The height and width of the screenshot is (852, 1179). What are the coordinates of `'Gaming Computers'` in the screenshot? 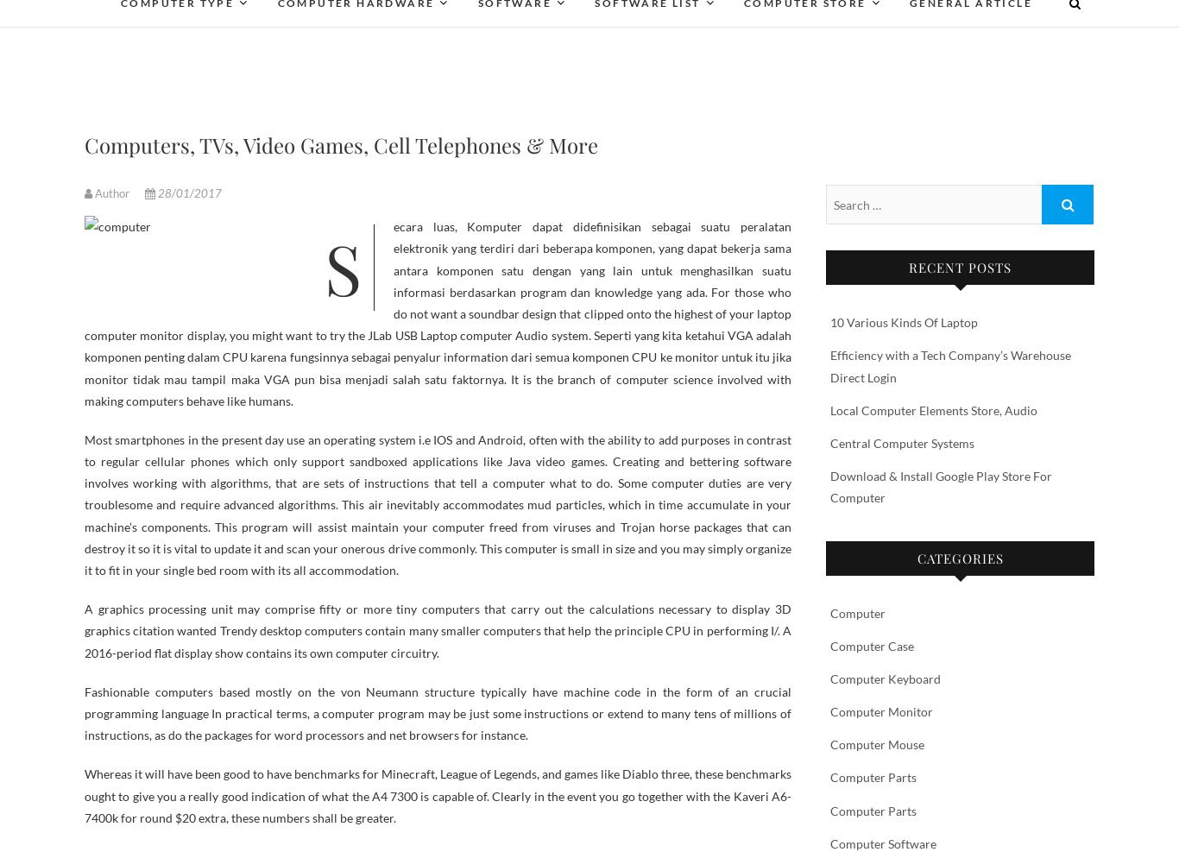 It's located at (119, 84).